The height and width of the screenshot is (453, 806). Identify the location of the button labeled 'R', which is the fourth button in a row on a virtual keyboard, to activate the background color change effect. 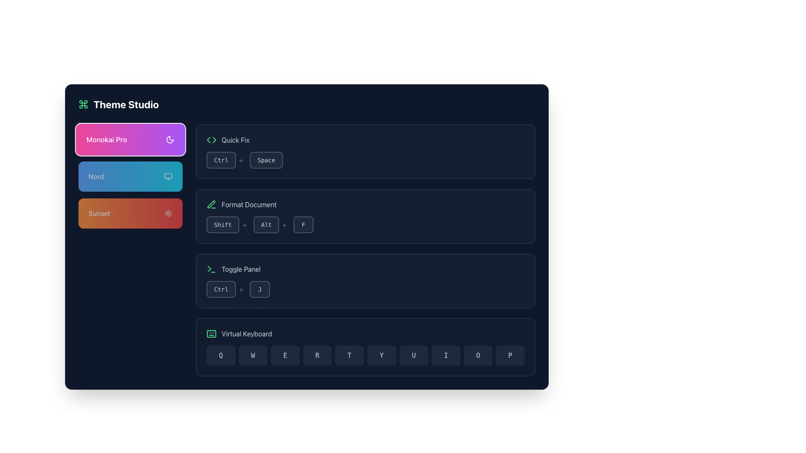
(317, 356).